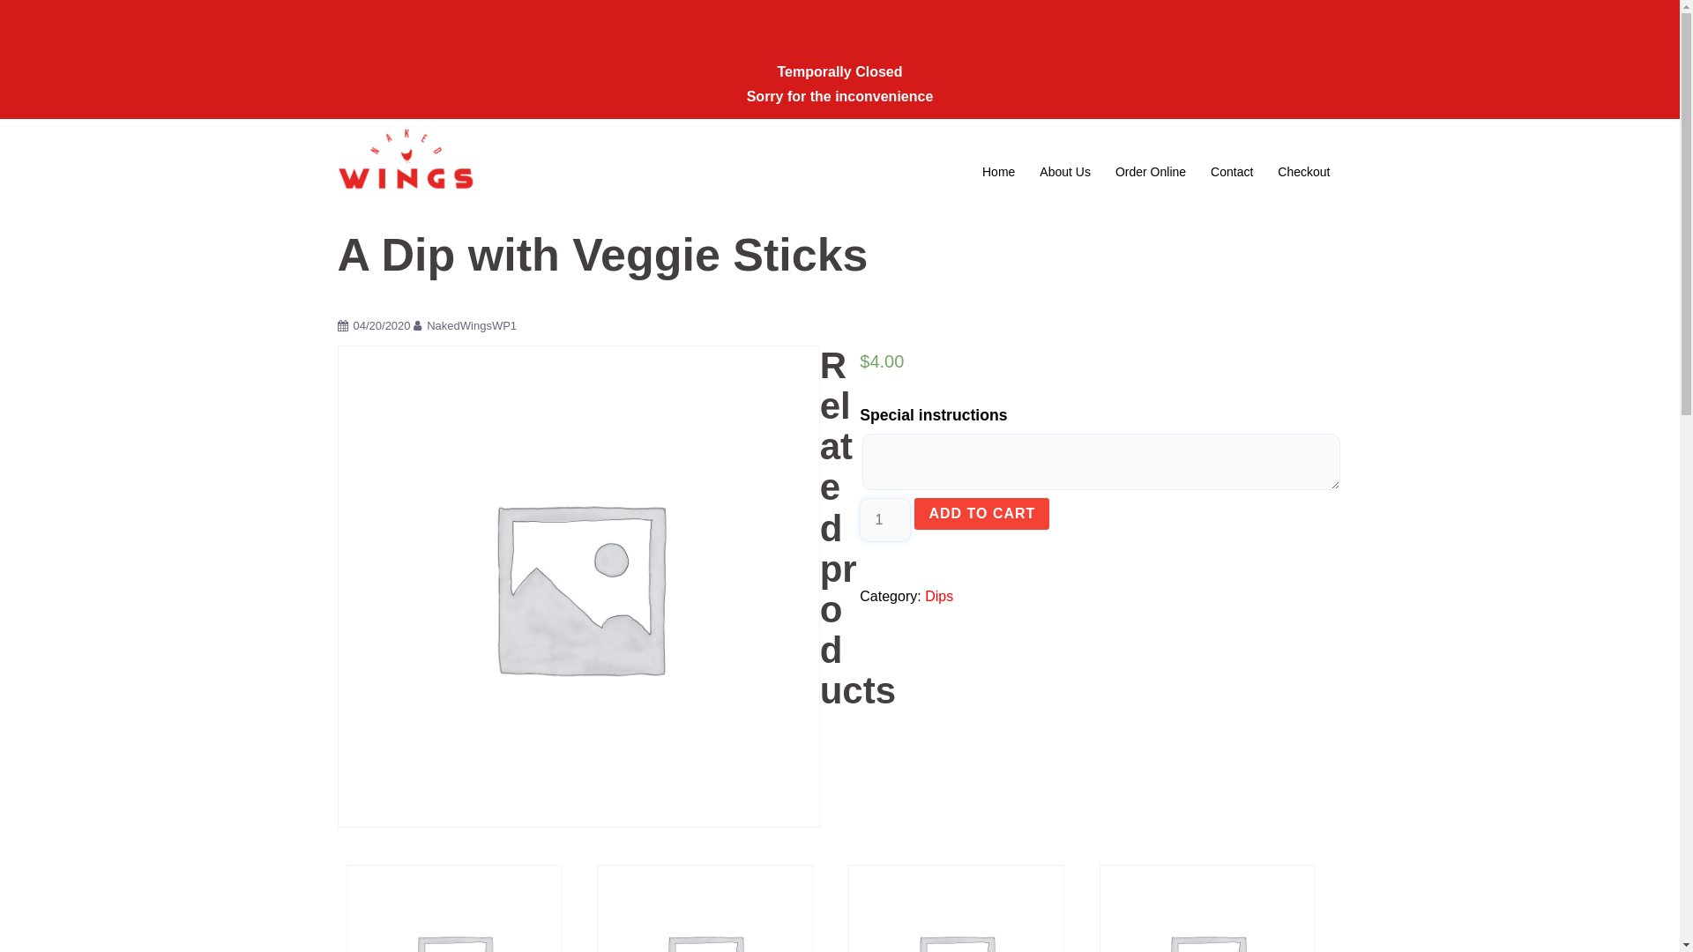 This screenshot has height=952, width=1693. What do you see at coordinates (1064, 172) in the screenshot?
I see `'About Us'` at bounding box center [1064, 172].